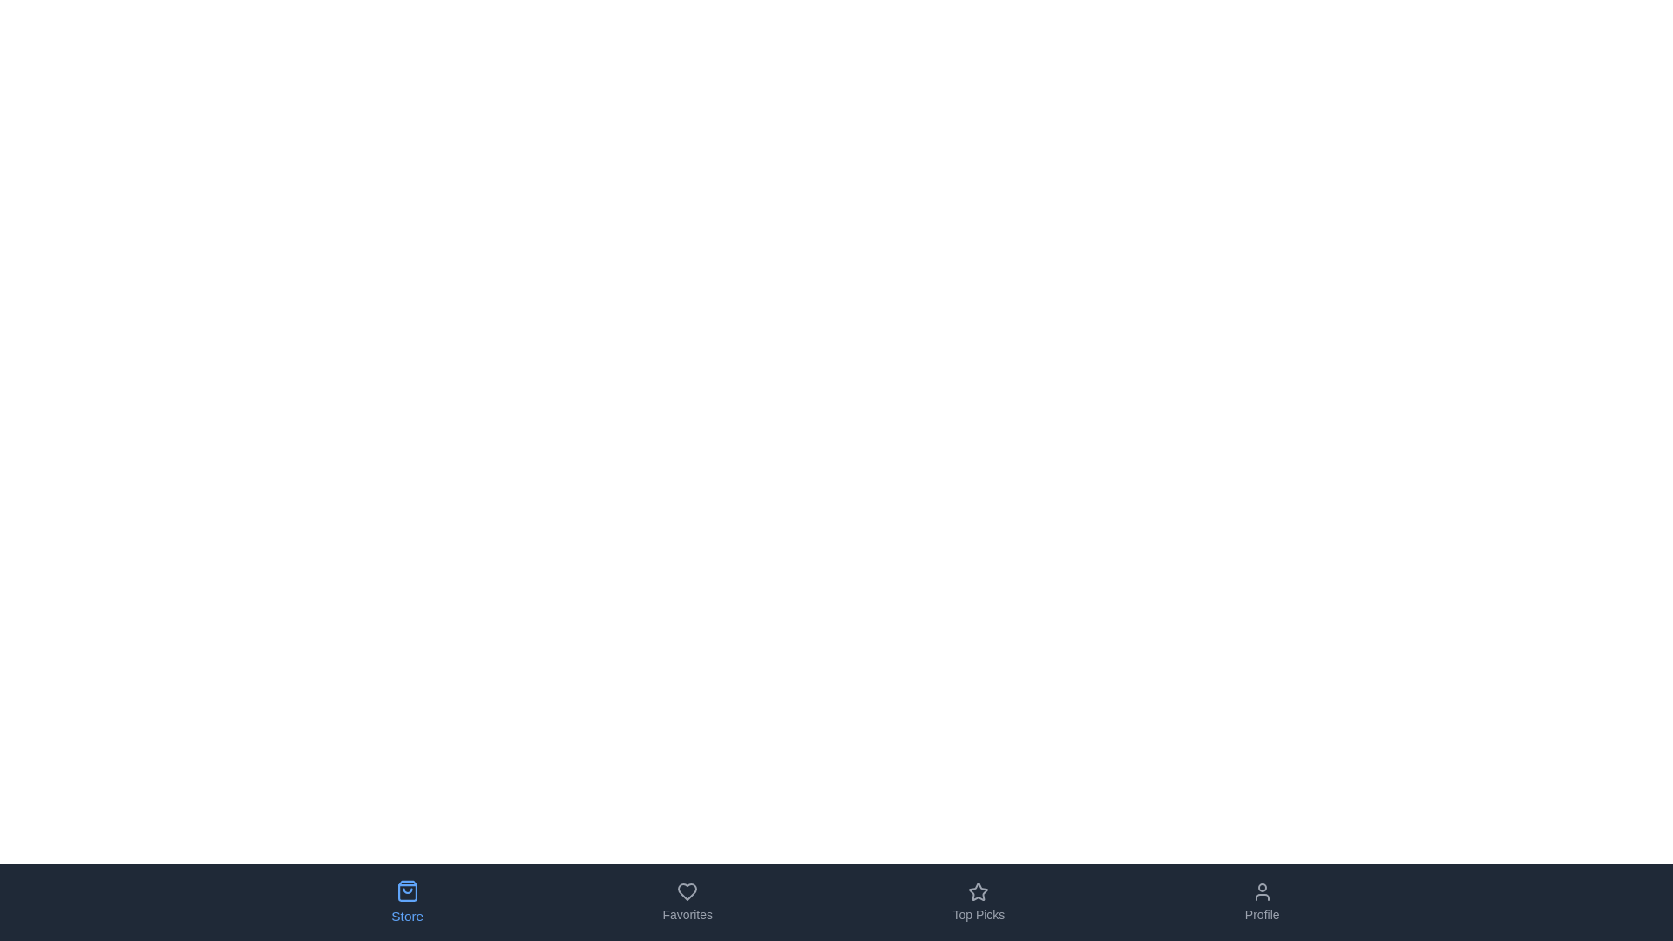  Describe the element at coordinates (687, 902) in the screenshot. I see `the tab labeled Favorites` at that location.